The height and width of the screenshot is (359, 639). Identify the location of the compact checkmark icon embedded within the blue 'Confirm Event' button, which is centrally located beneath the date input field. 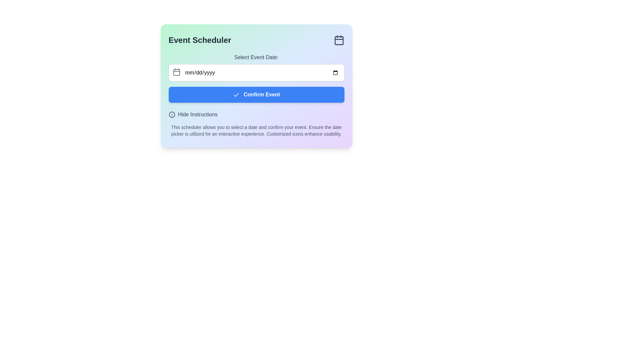
(236, 95).